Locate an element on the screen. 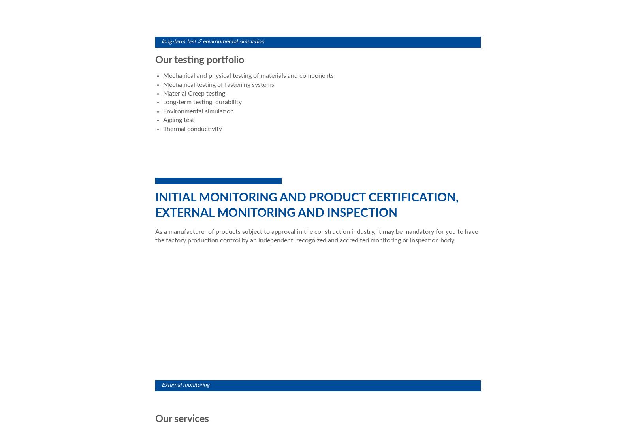 This screenshot has width=636, height=422. 'Environmental simulation' is located at coordinates (198, 111).